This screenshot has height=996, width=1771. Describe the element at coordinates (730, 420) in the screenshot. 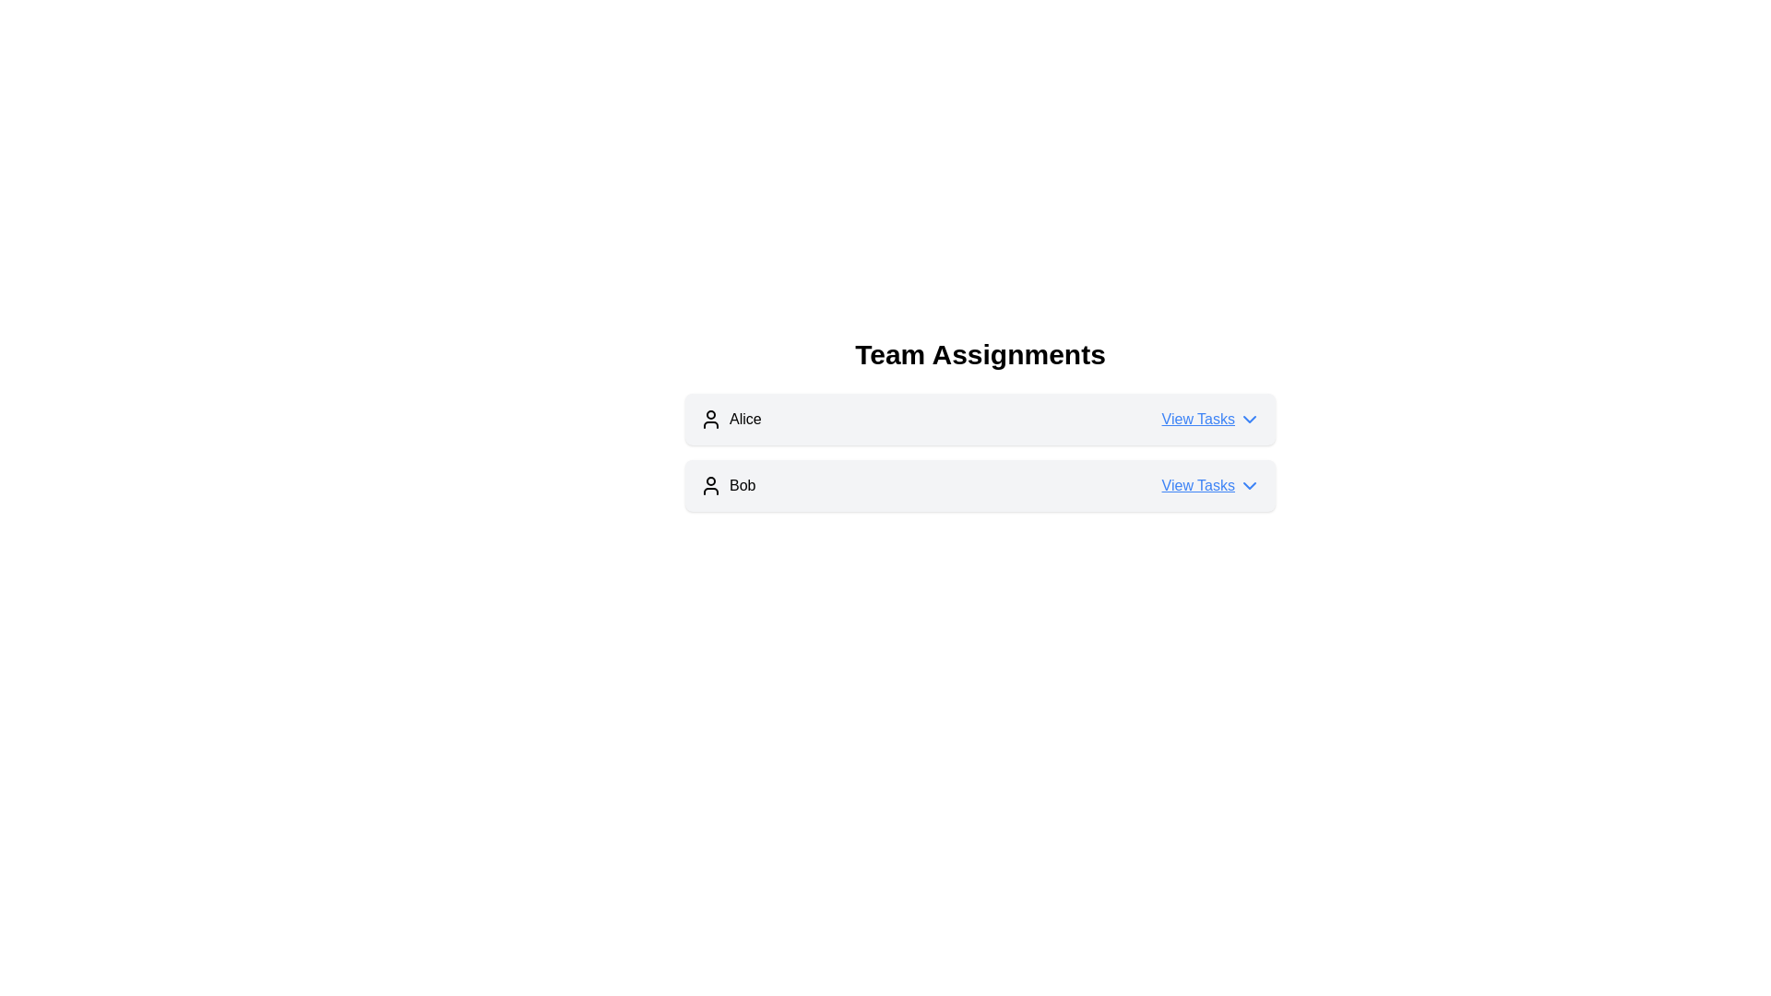

I see `text content of the Text Label displaying 'Alice', which is positioned to the right of a user icon in the 'Team Assignments' section` at that location.